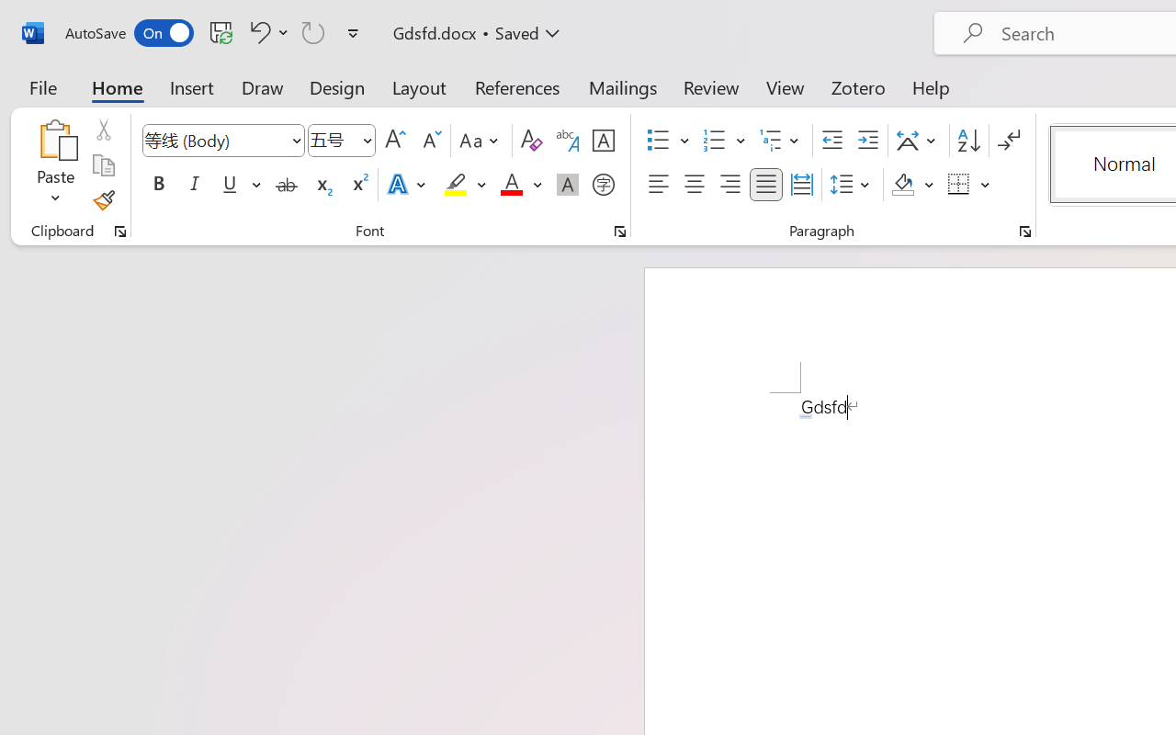 The image size is (1176, 735). What do you see at coordinates (322, 185) in the screenshot?
I see `'Subscript'` at bounding box center [322, 185].